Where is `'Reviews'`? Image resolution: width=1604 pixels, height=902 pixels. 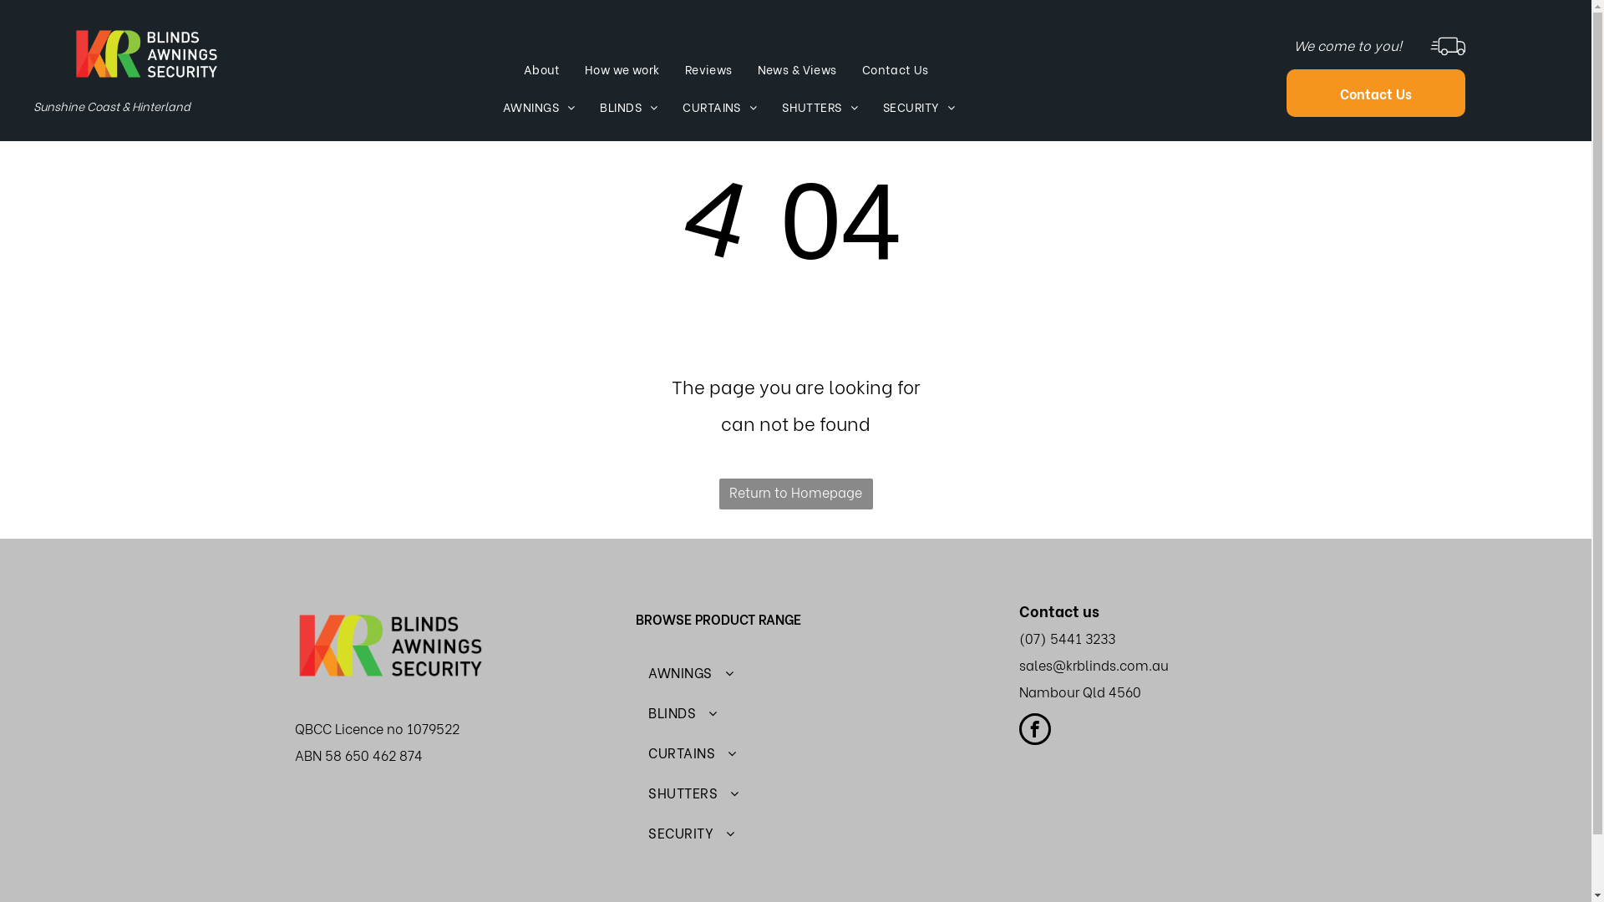 'Reviews' is located at coordinates (708, 68).